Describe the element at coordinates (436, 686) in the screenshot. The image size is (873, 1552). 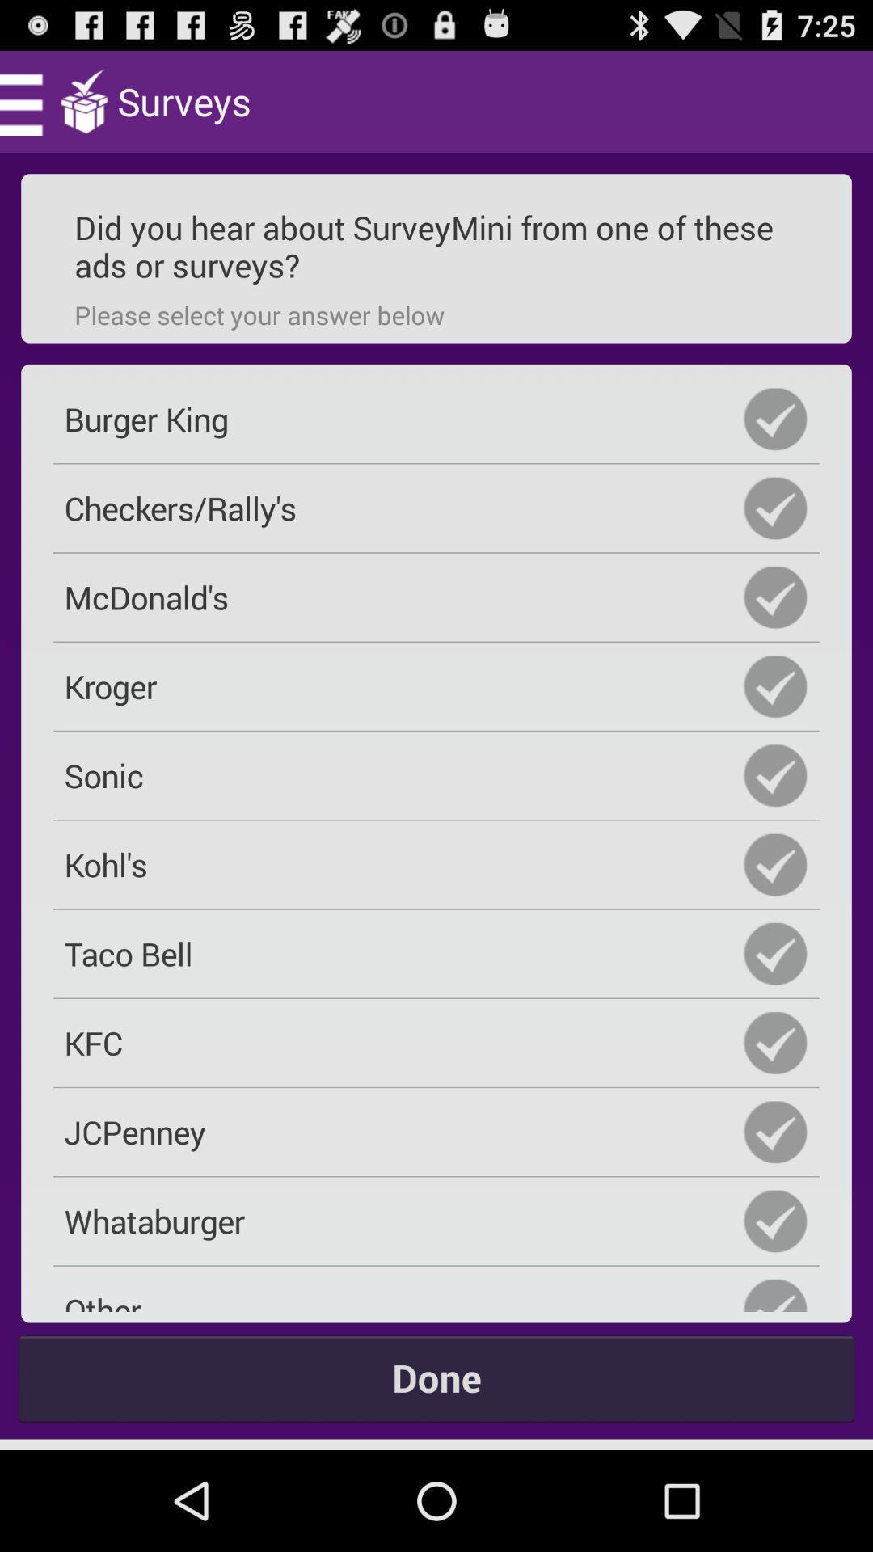
I see `kroger` at that location.